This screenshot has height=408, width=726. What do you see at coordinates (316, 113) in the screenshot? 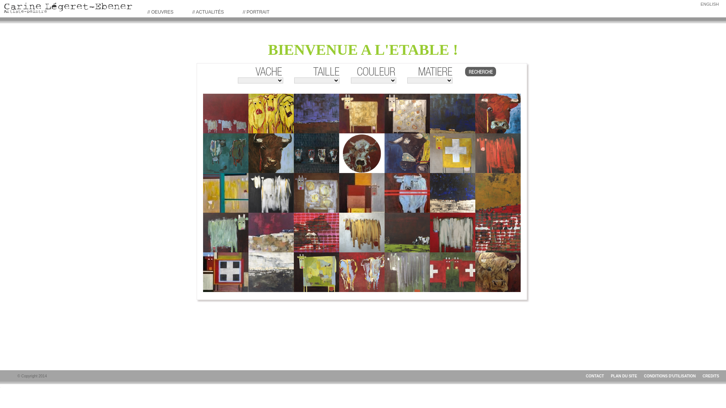
I see `'Prune'` at bounding box center [316, 113].